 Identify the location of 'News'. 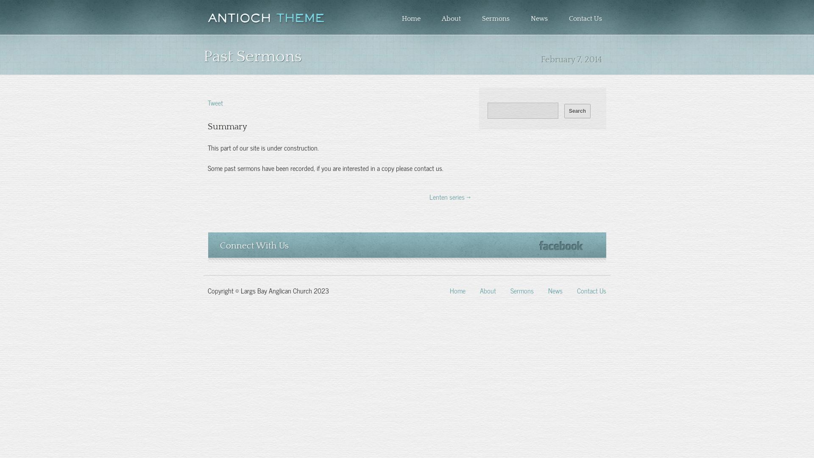
(530, 18).